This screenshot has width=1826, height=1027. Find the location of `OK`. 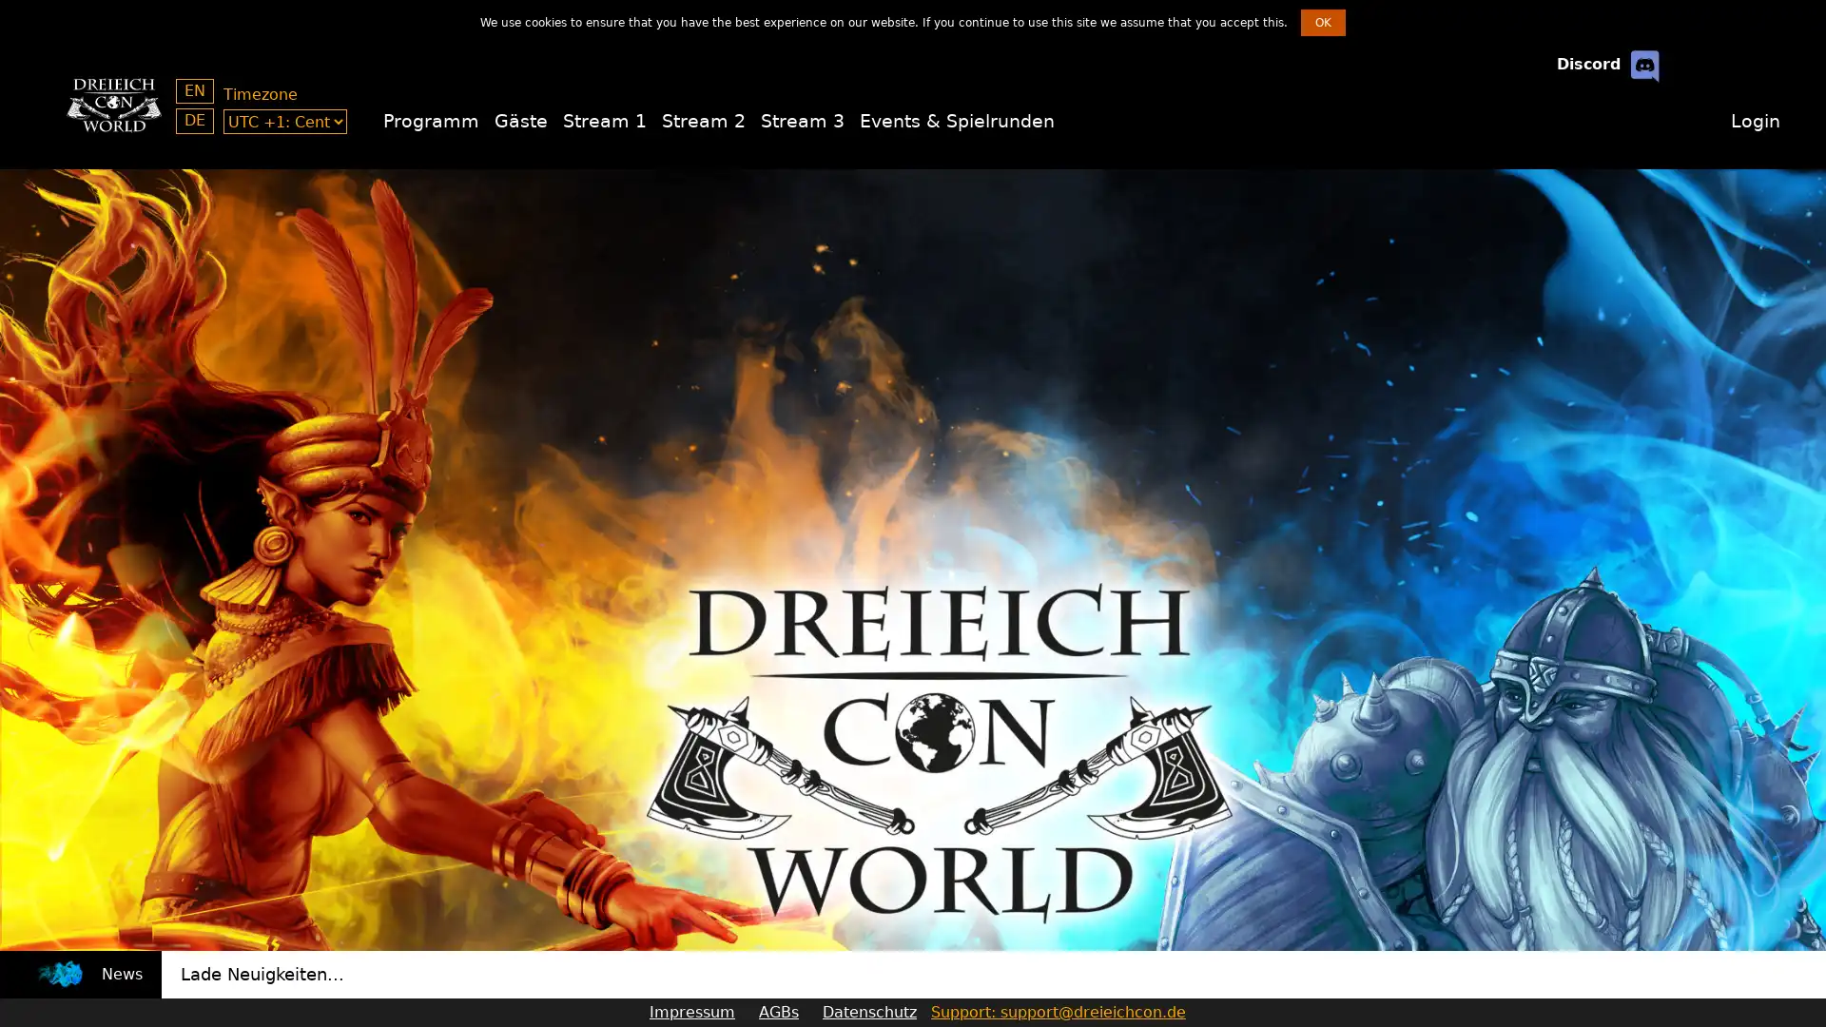

OK is located at coordinates (1322, 22).